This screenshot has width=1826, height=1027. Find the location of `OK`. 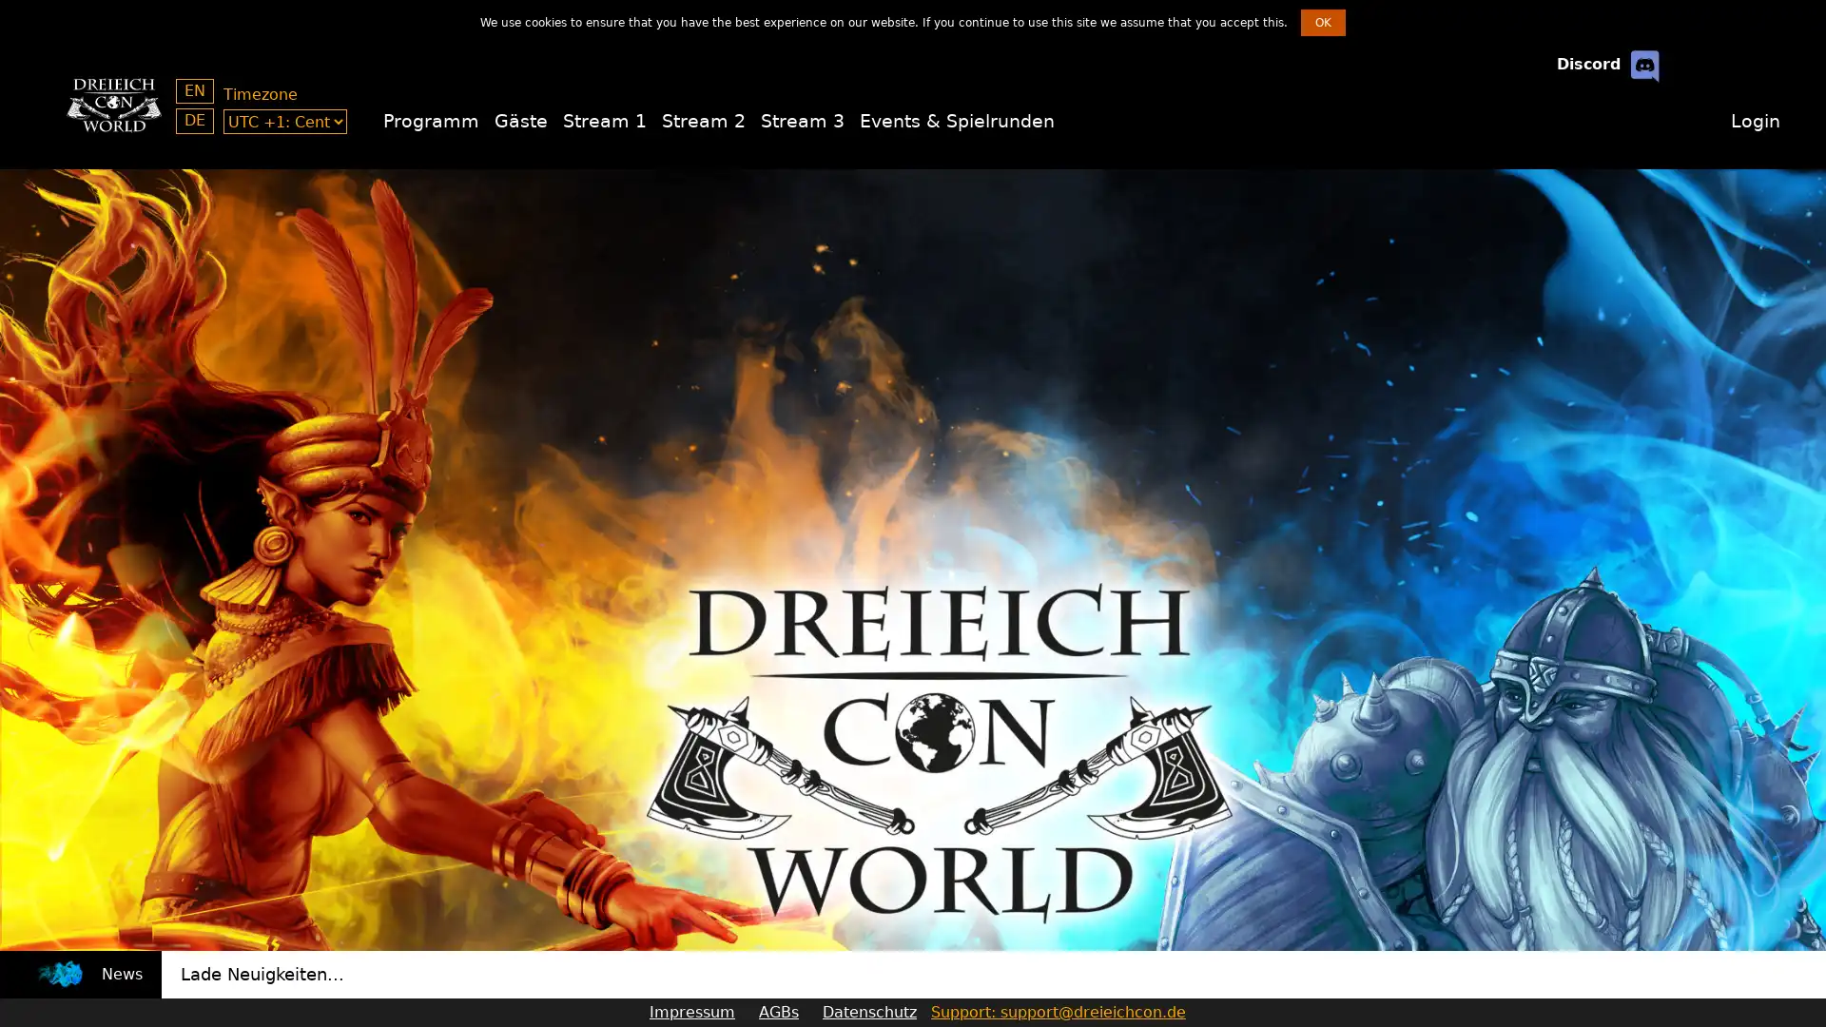

OK is located at coordinates (1322, 22).